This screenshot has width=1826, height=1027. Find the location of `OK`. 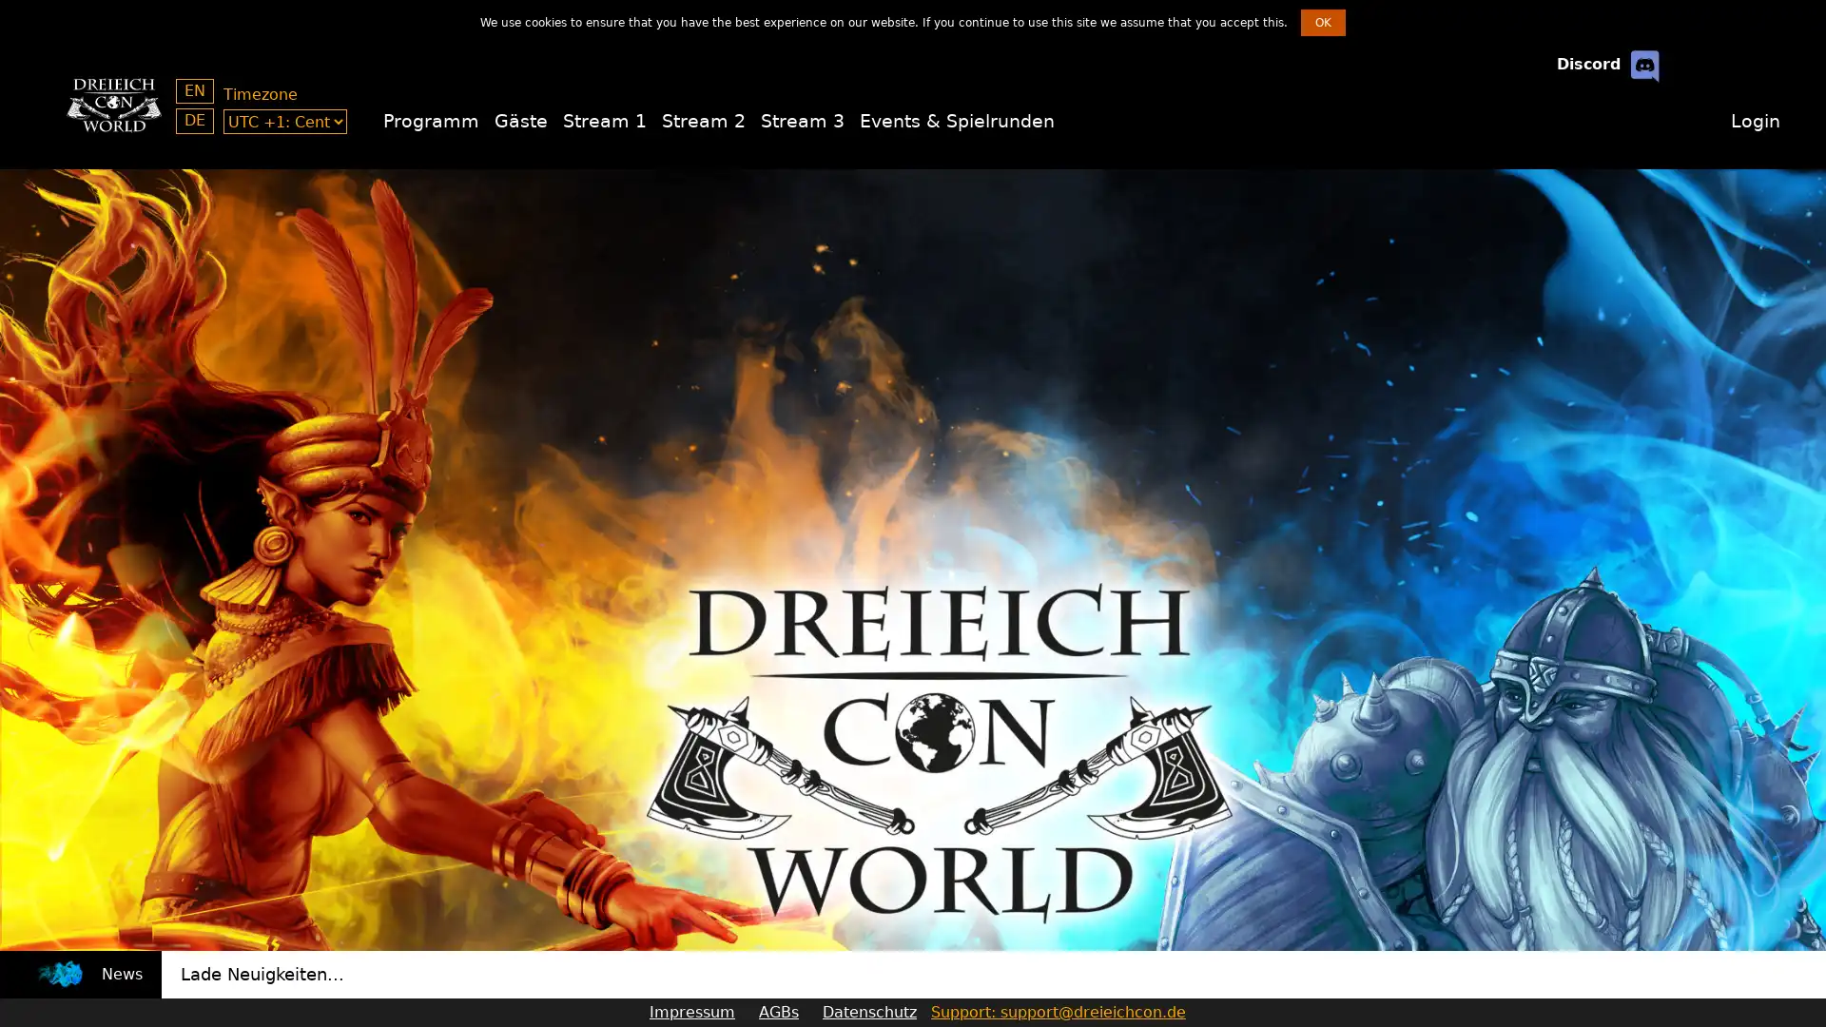

OK is located at coordinates (1322, 22).